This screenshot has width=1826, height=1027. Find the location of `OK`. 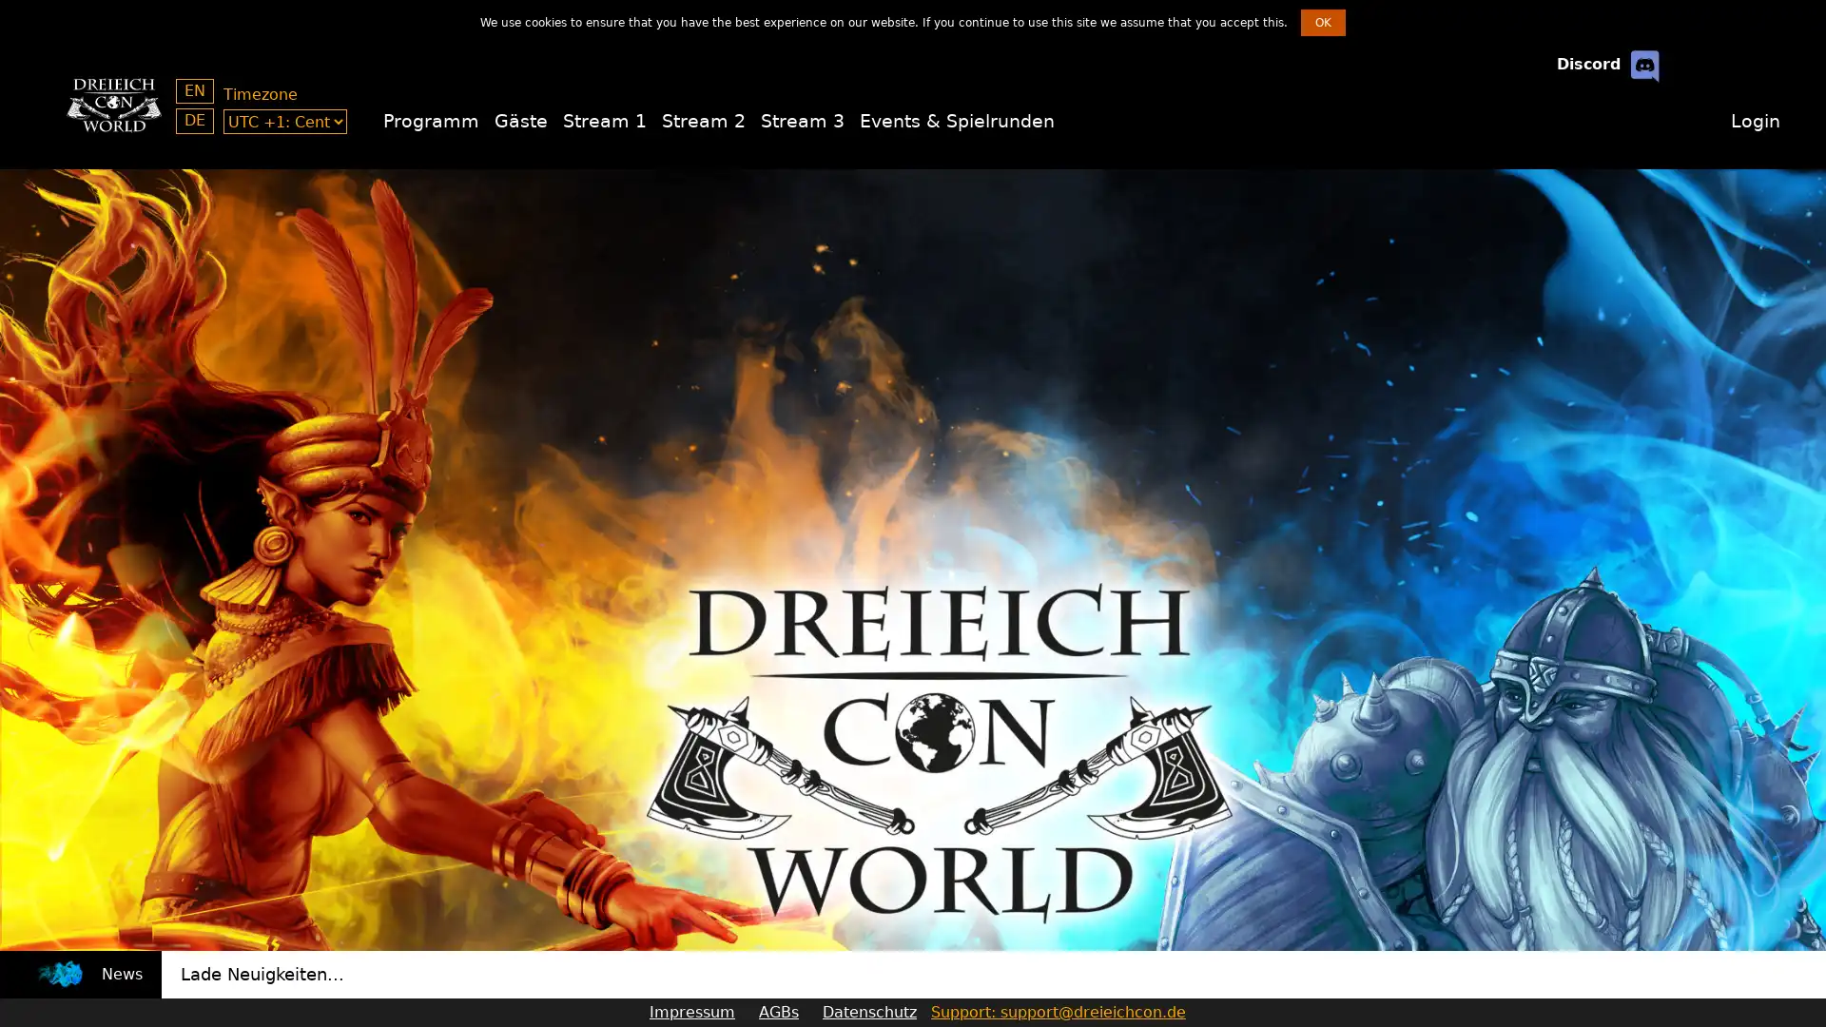

OK is located at coordinates (1322, 22).